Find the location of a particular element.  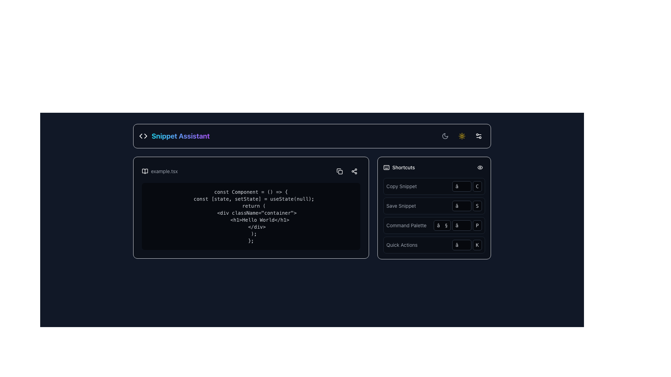

the keyboard shortcuts icon located to the left of the 'Shortcuts' text is located at coordinates (386, 167).